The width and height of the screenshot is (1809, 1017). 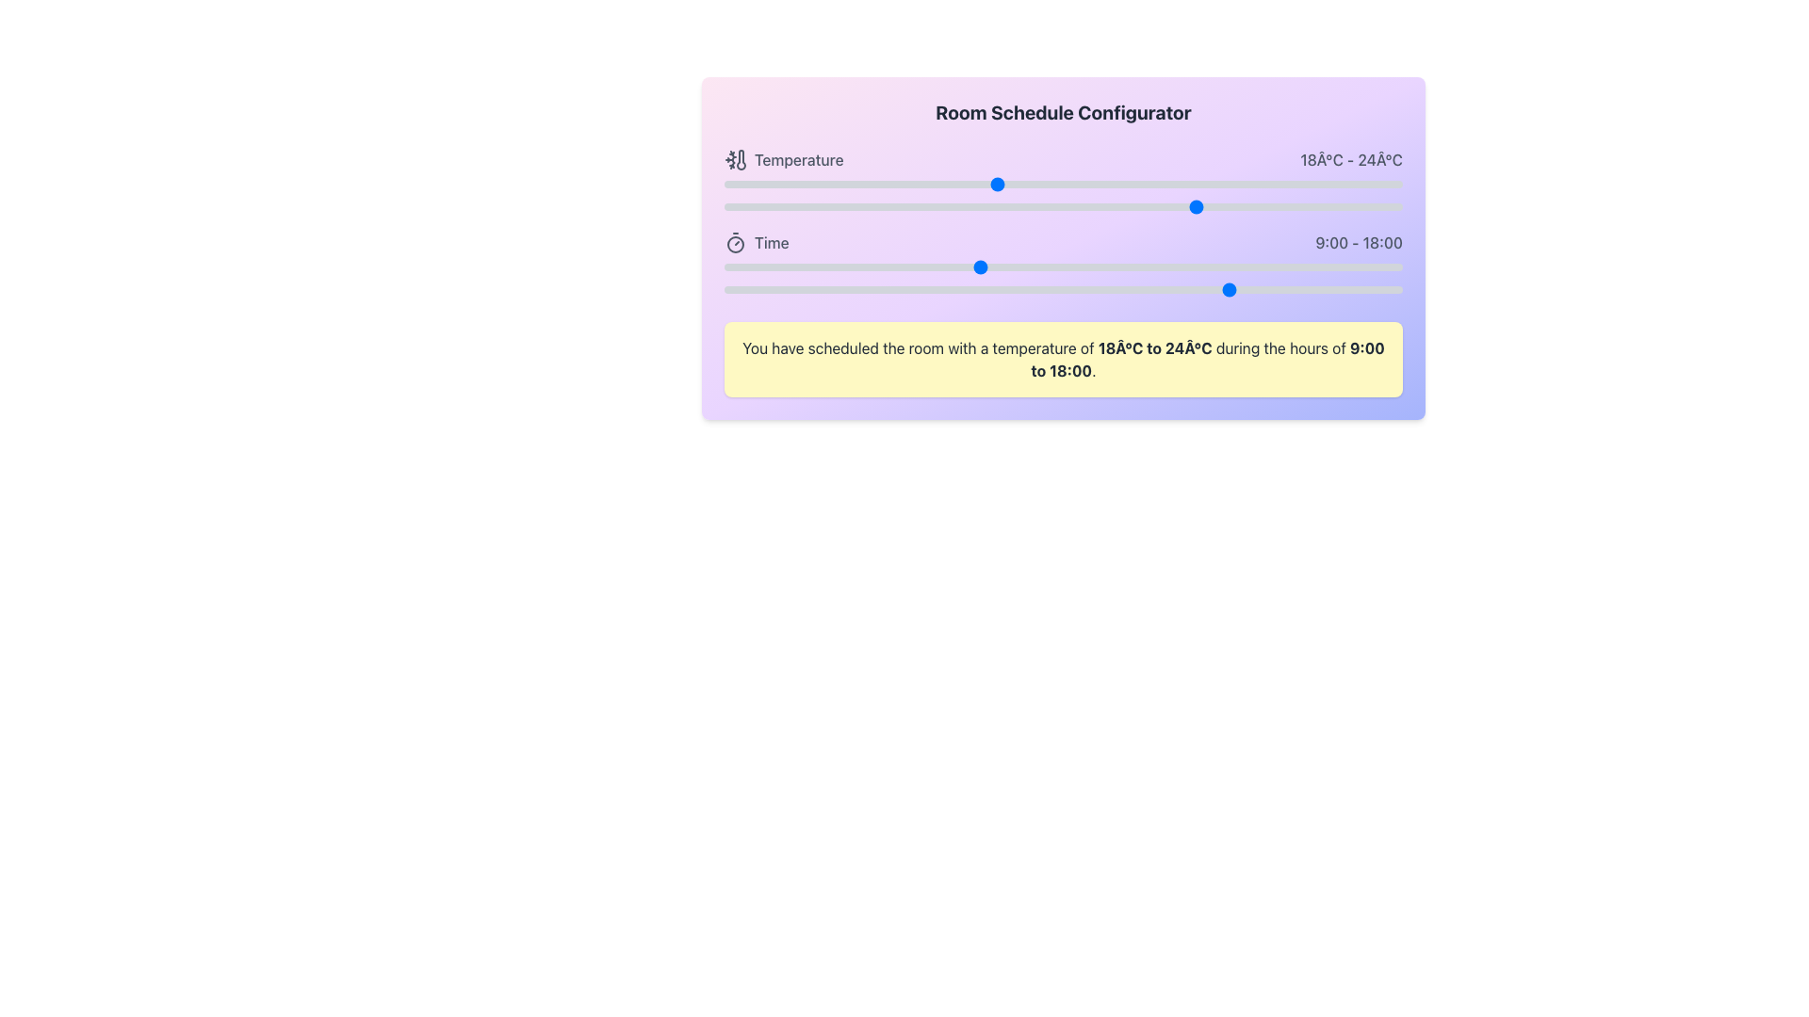 I want to click on the slider, so click(x=858, y=181).